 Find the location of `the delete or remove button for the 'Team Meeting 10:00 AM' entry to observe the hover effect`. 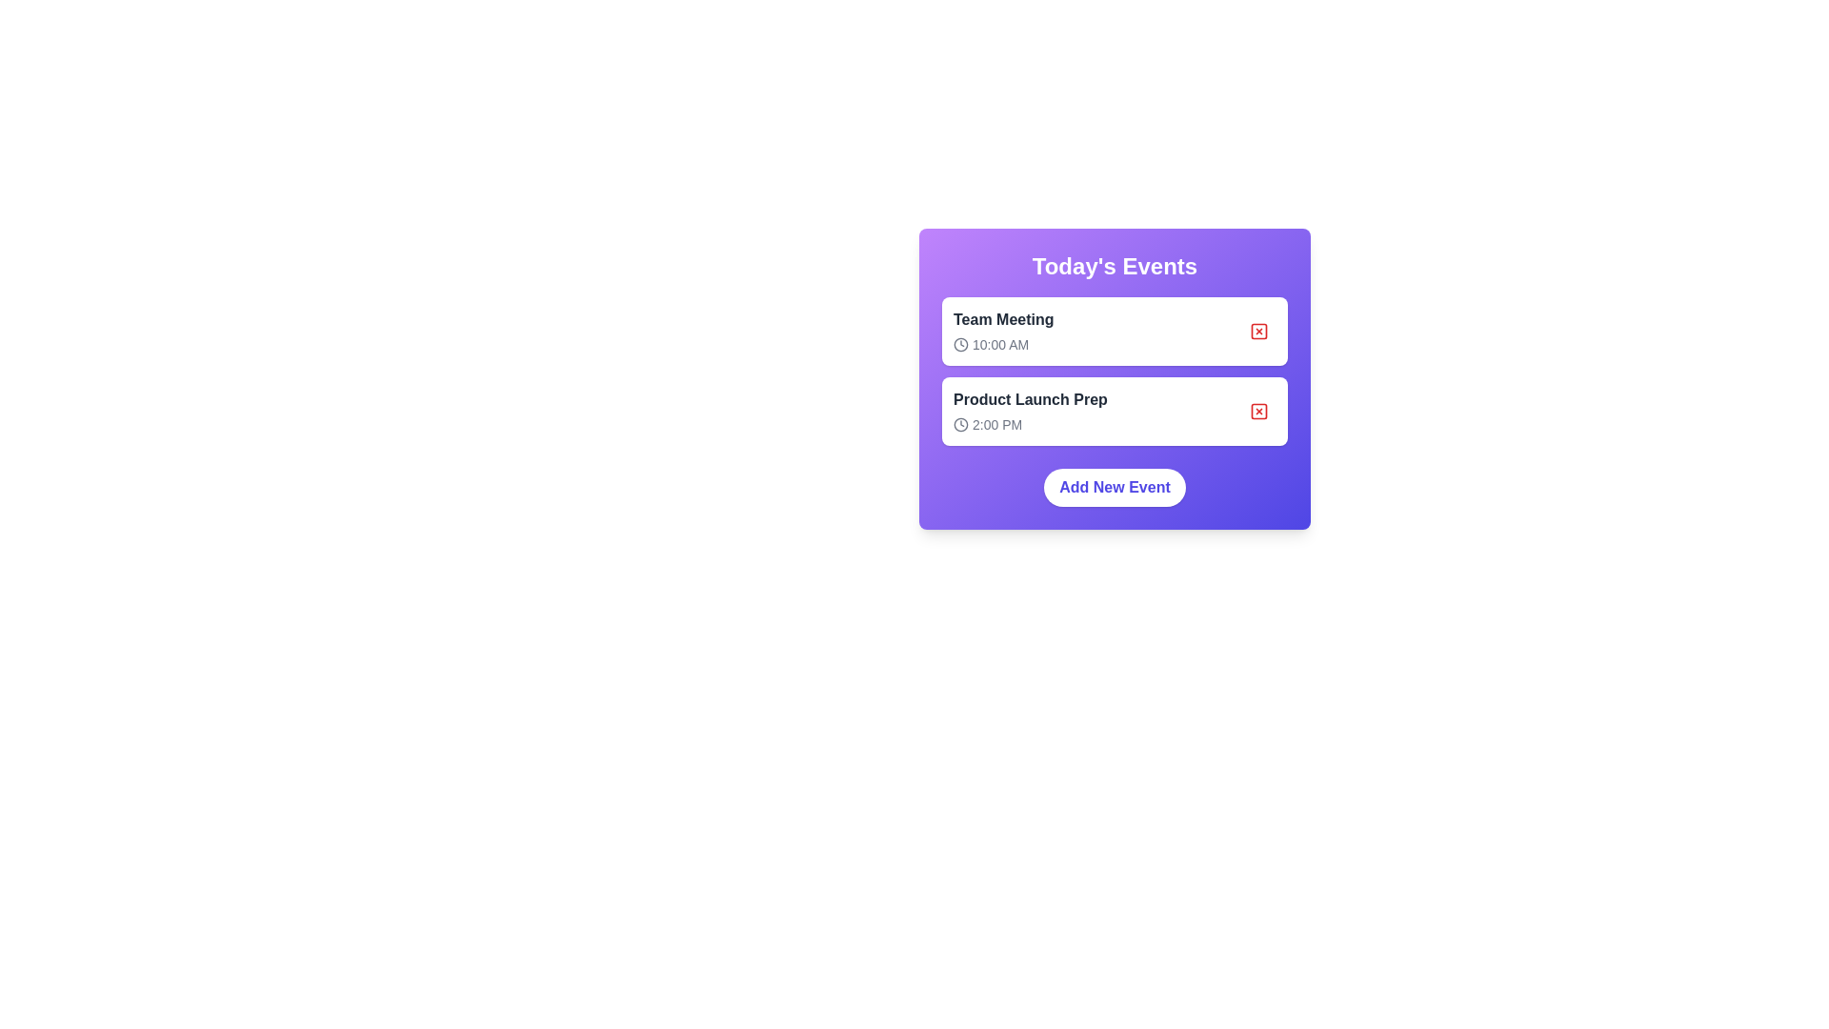

the delete or remove button for the 'Team Meeting 10:00 AM' entry to observe the hover effect is located at coordinates (1258, 330).